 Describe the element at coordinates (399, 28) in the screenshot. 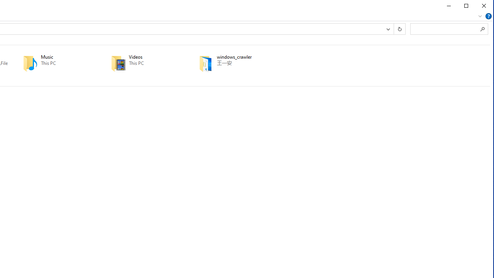

I see `'Refresh "Quick access" (F5)'` at that location.